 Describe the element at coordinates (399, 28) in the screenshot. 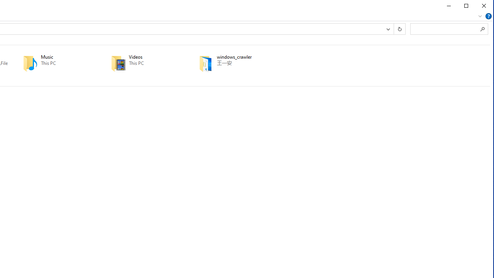

I see `'Refresh "Quick access" (F5)'` at that location.